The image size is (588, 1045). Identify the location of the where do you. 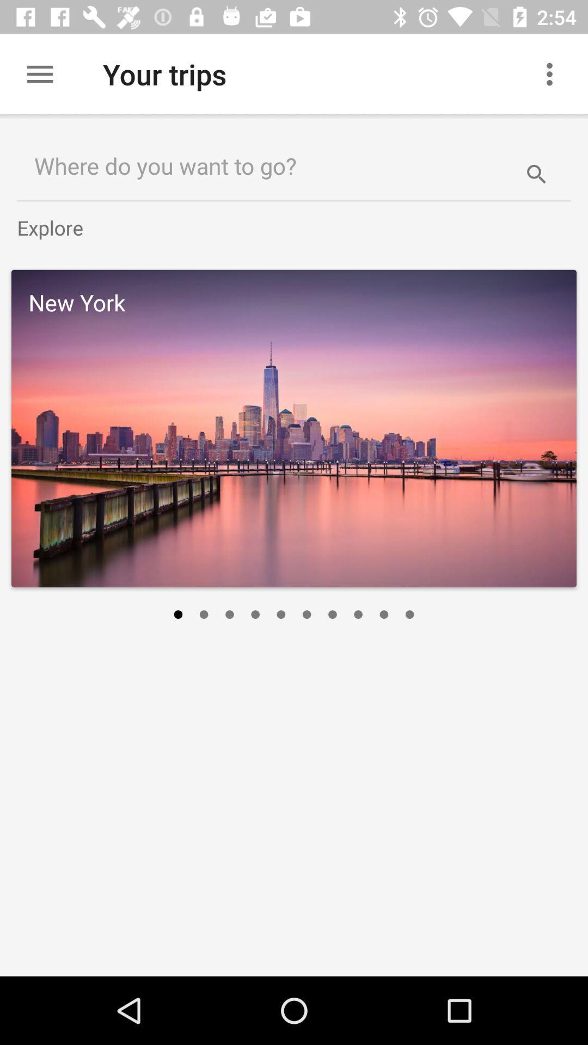
(260, 165).